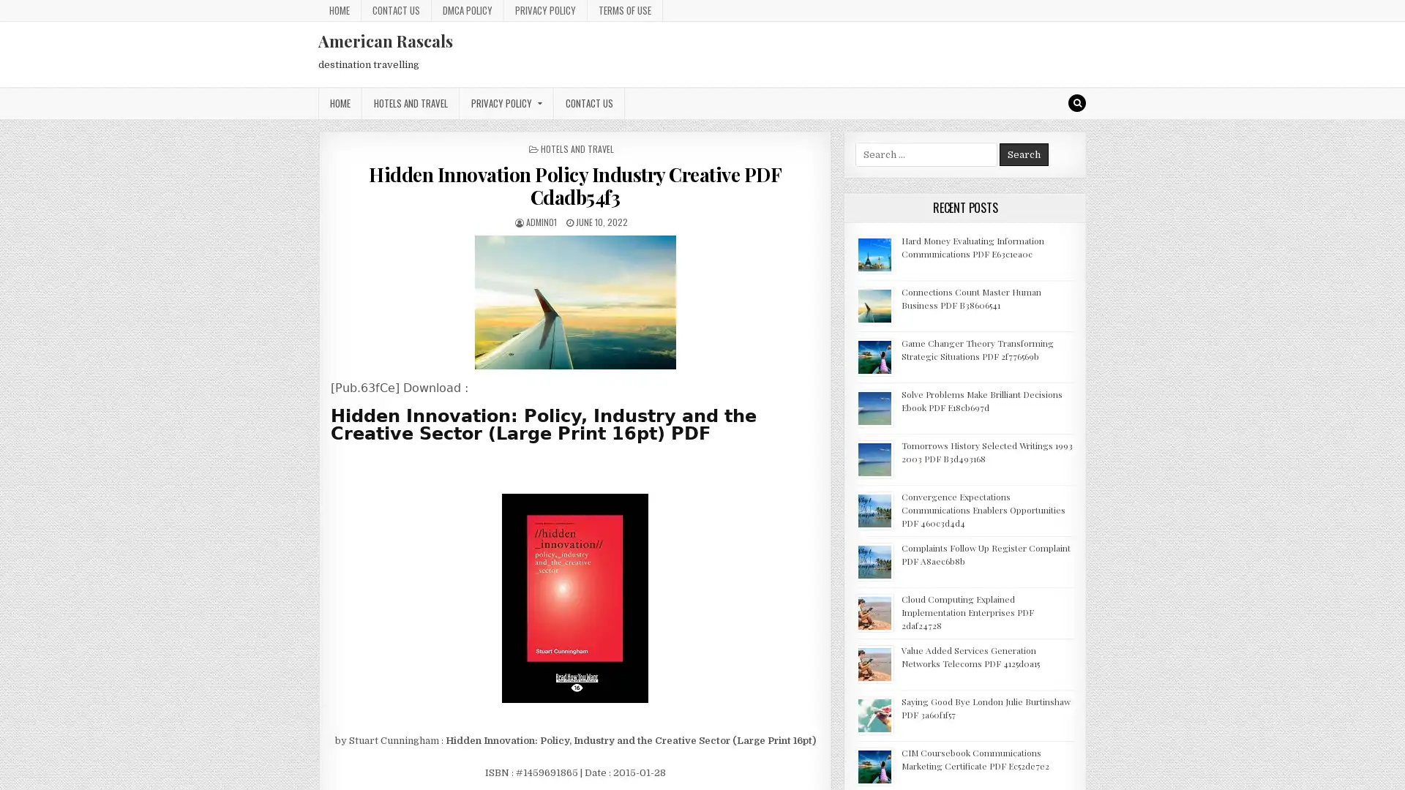  I want to click on Search, so click(1023, 154).